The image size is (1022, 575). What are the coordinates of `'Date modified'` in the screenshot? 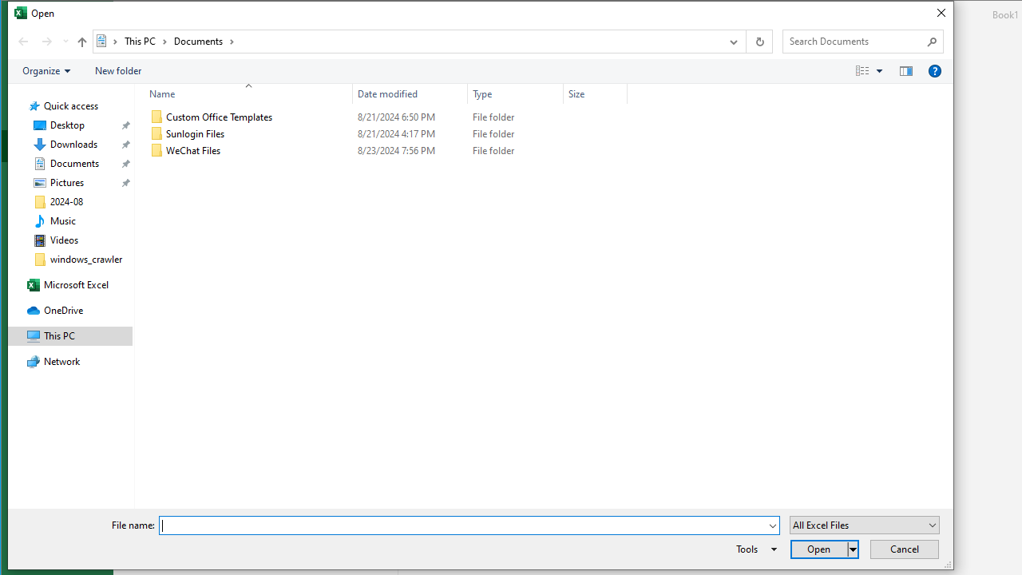 It's located at (410, 93).